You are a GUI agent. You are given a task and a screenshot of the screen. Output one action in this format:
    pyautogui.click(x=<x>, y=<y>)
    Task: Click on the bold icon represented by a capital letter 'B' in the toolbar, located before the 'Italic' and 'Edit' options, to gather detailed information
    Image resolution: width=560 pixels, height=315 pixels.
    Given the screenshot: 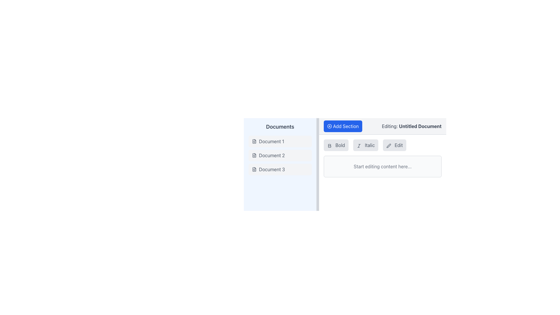 What is the action you would take?
    pyautogui.click(x=329, y=145)
    